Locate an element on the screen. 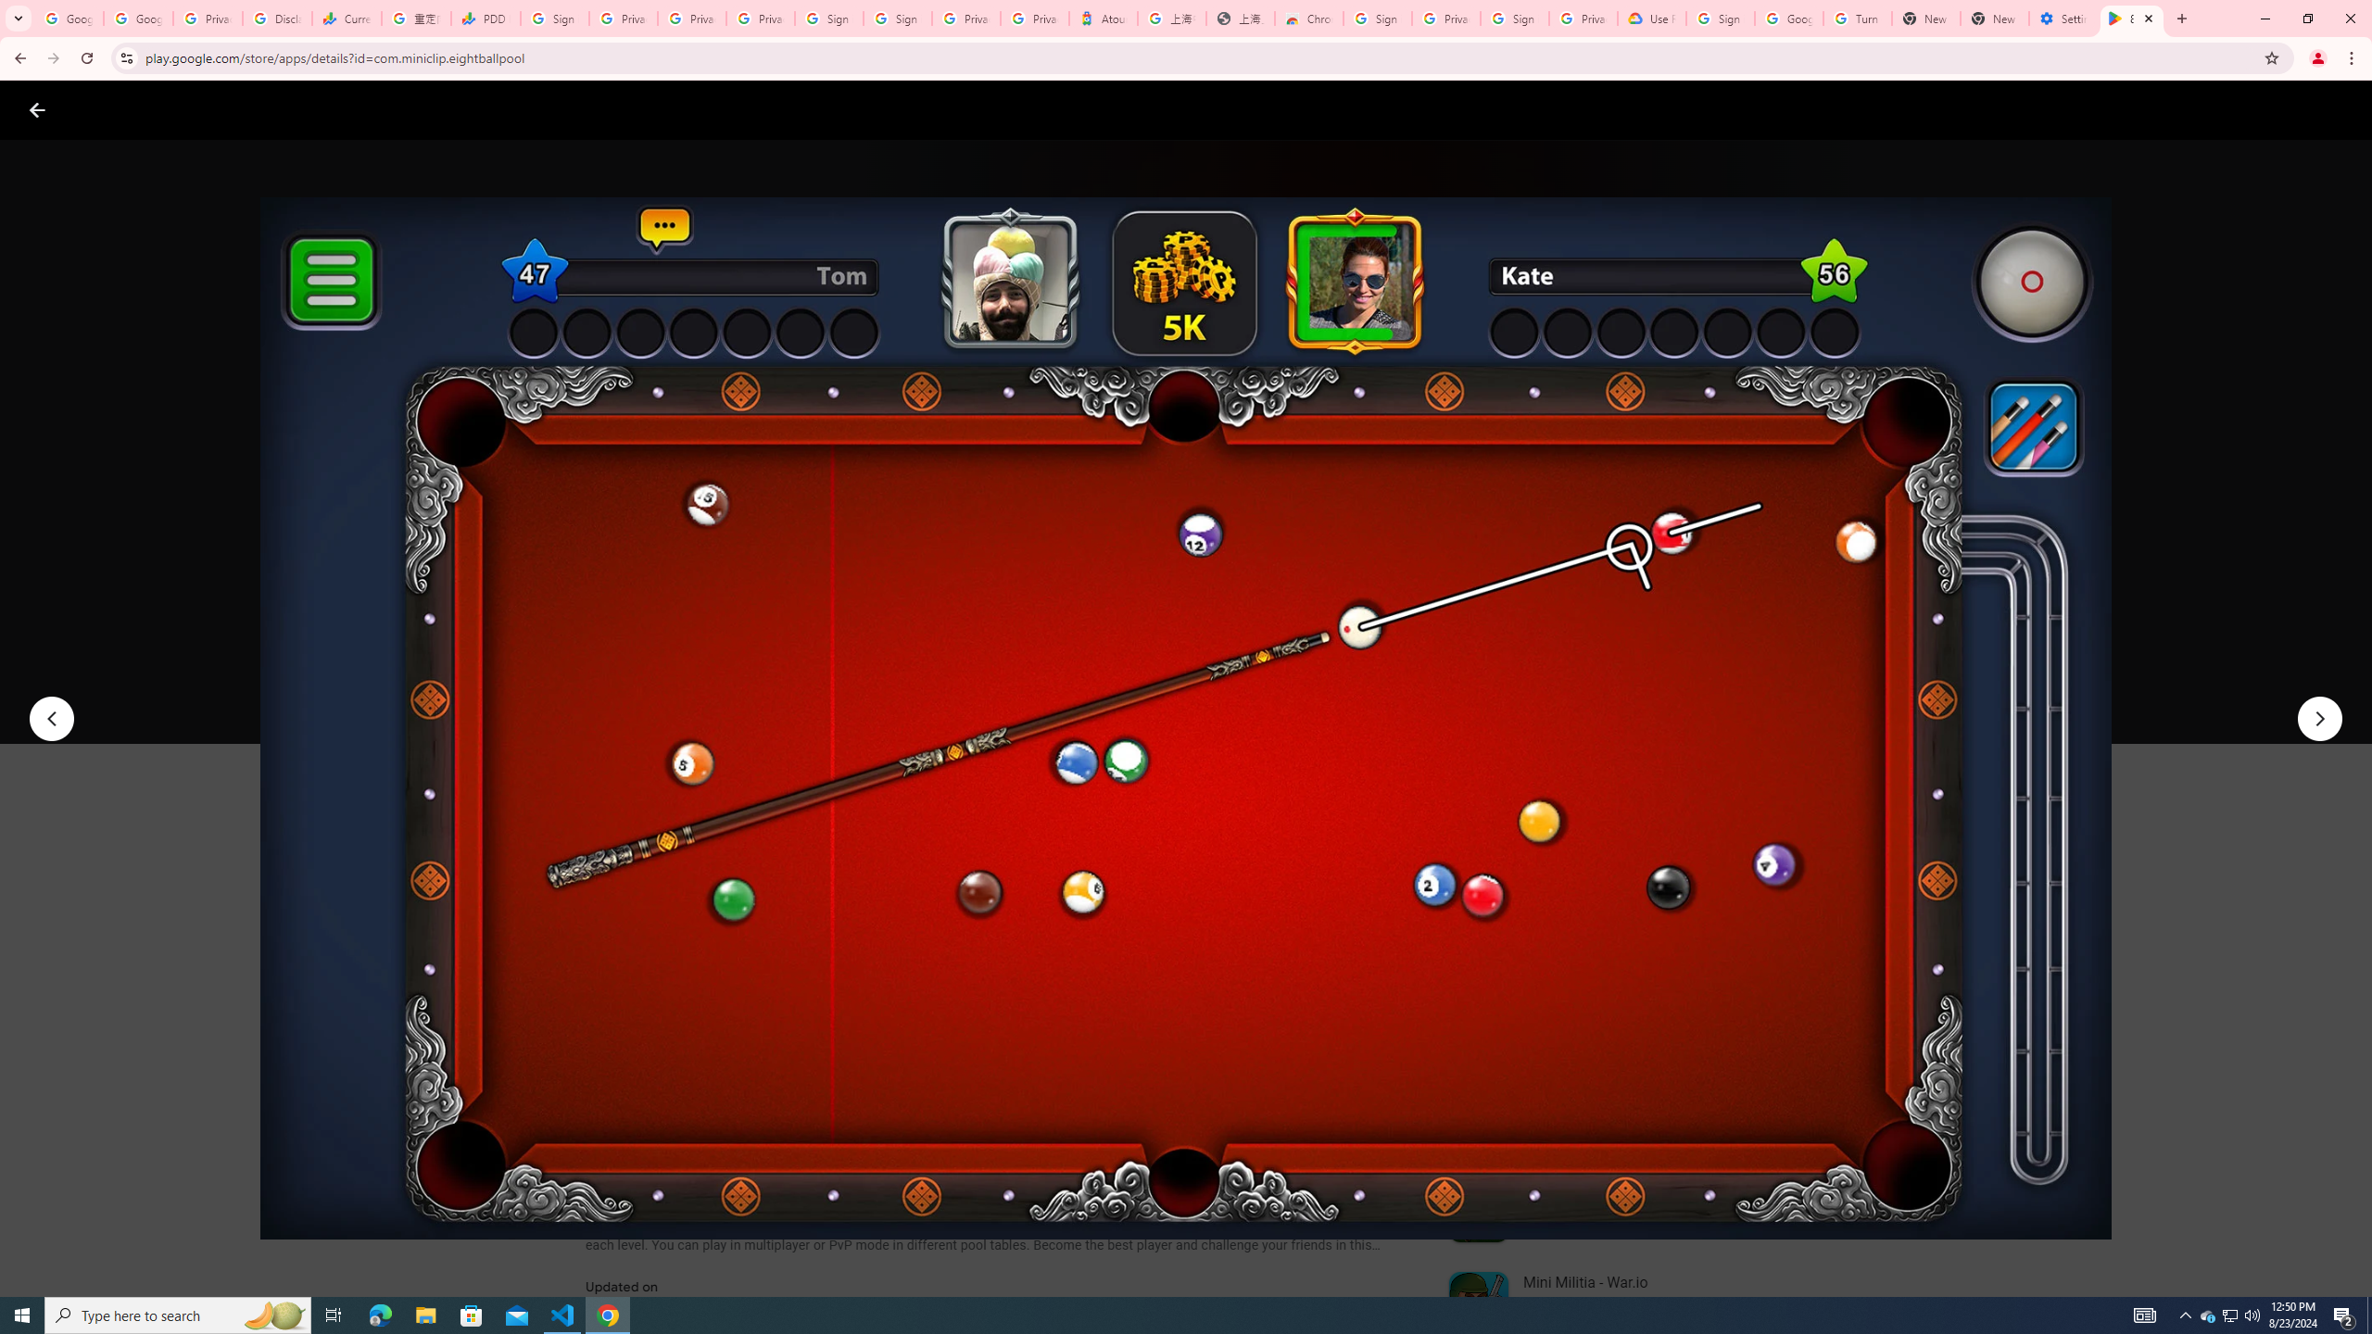 The height and width of the screenshot is (1334, 2372). 'PDD Holdings Inc - ADR (PDD) Price & News - Google Finance' is located at coordinates (485, 18).